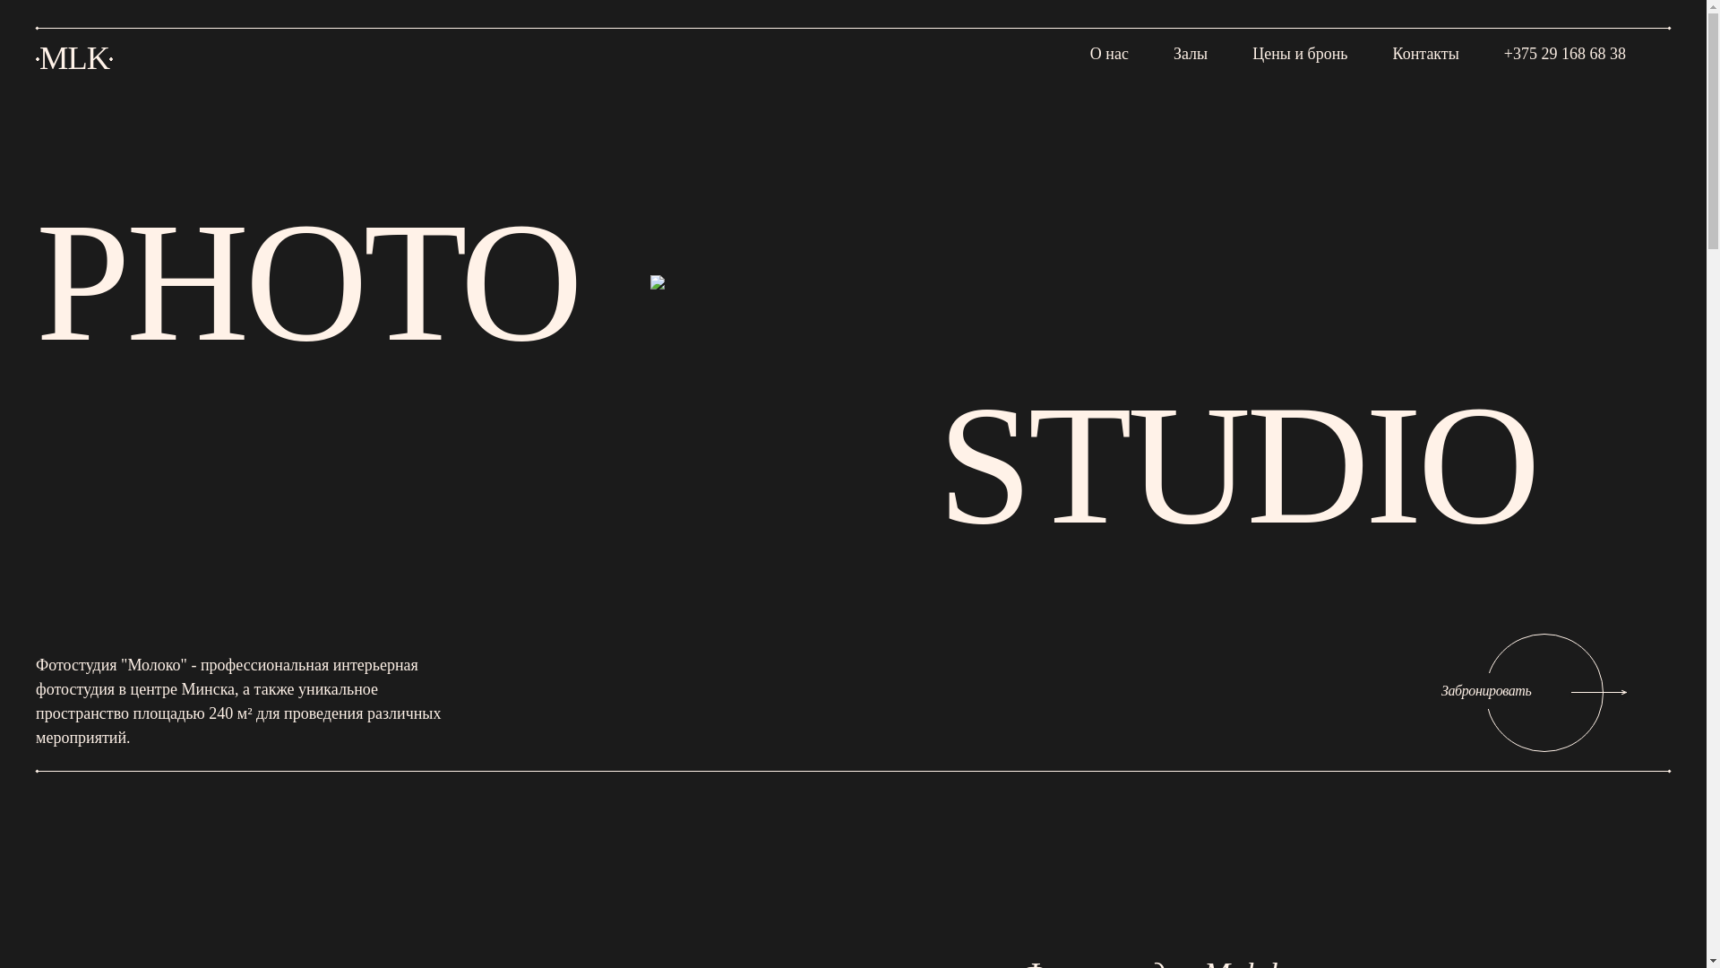 This screenshot has width=1720, height=968. Describe the element at coordinates (1504, 50) in the screenshot. I see `'+375 29 168 68 38'` at that location.